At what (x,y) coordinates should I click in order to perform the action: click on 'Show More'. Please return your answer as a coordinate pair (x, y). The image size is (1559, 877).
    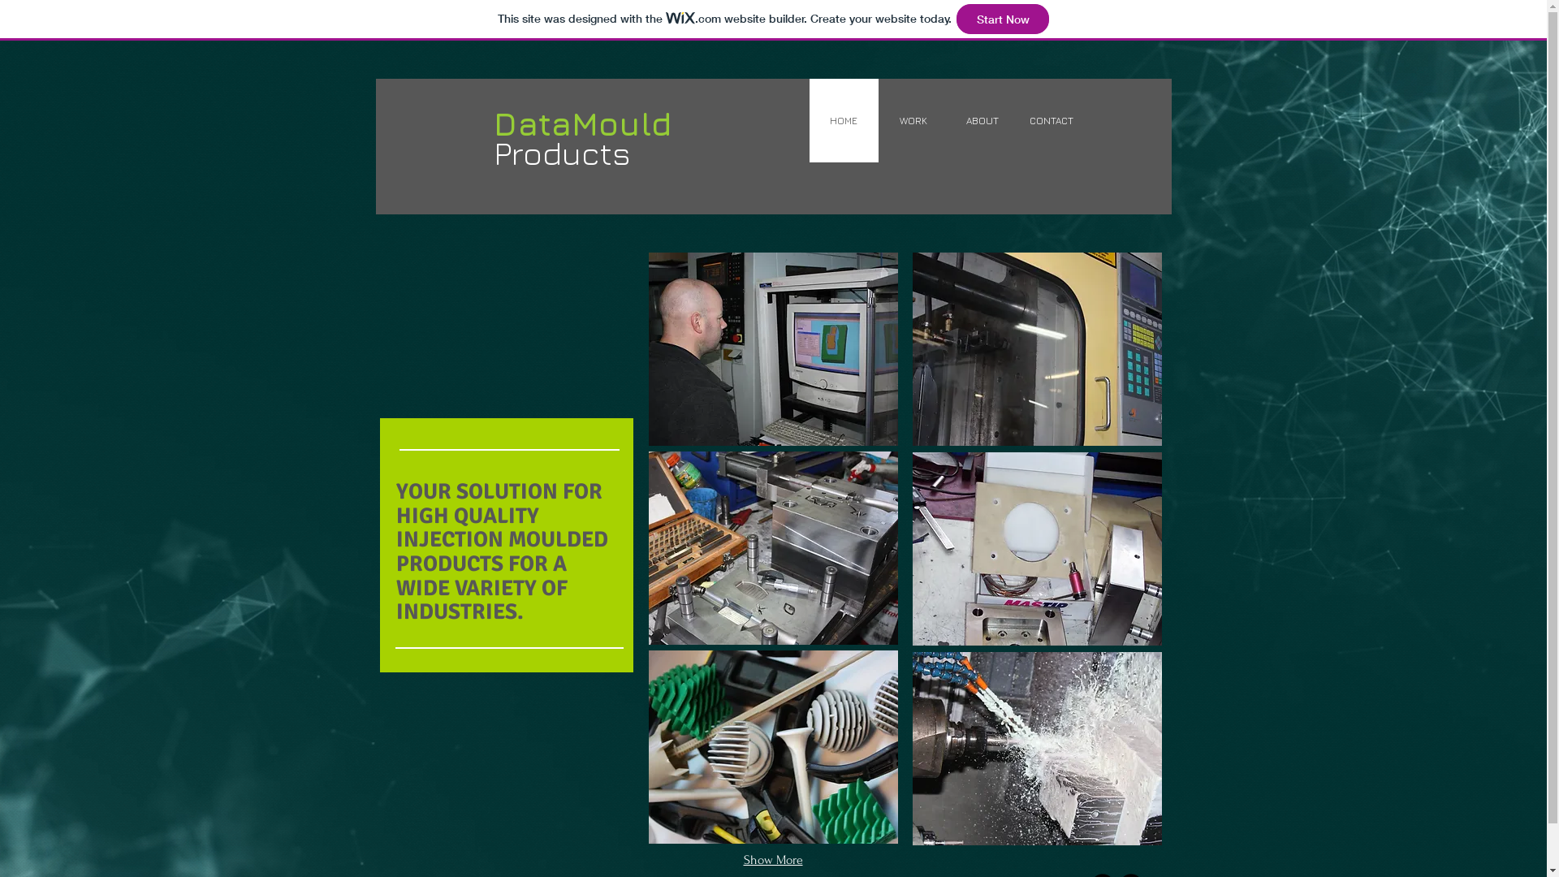
    Looking at the image, I should click on (772, 859).